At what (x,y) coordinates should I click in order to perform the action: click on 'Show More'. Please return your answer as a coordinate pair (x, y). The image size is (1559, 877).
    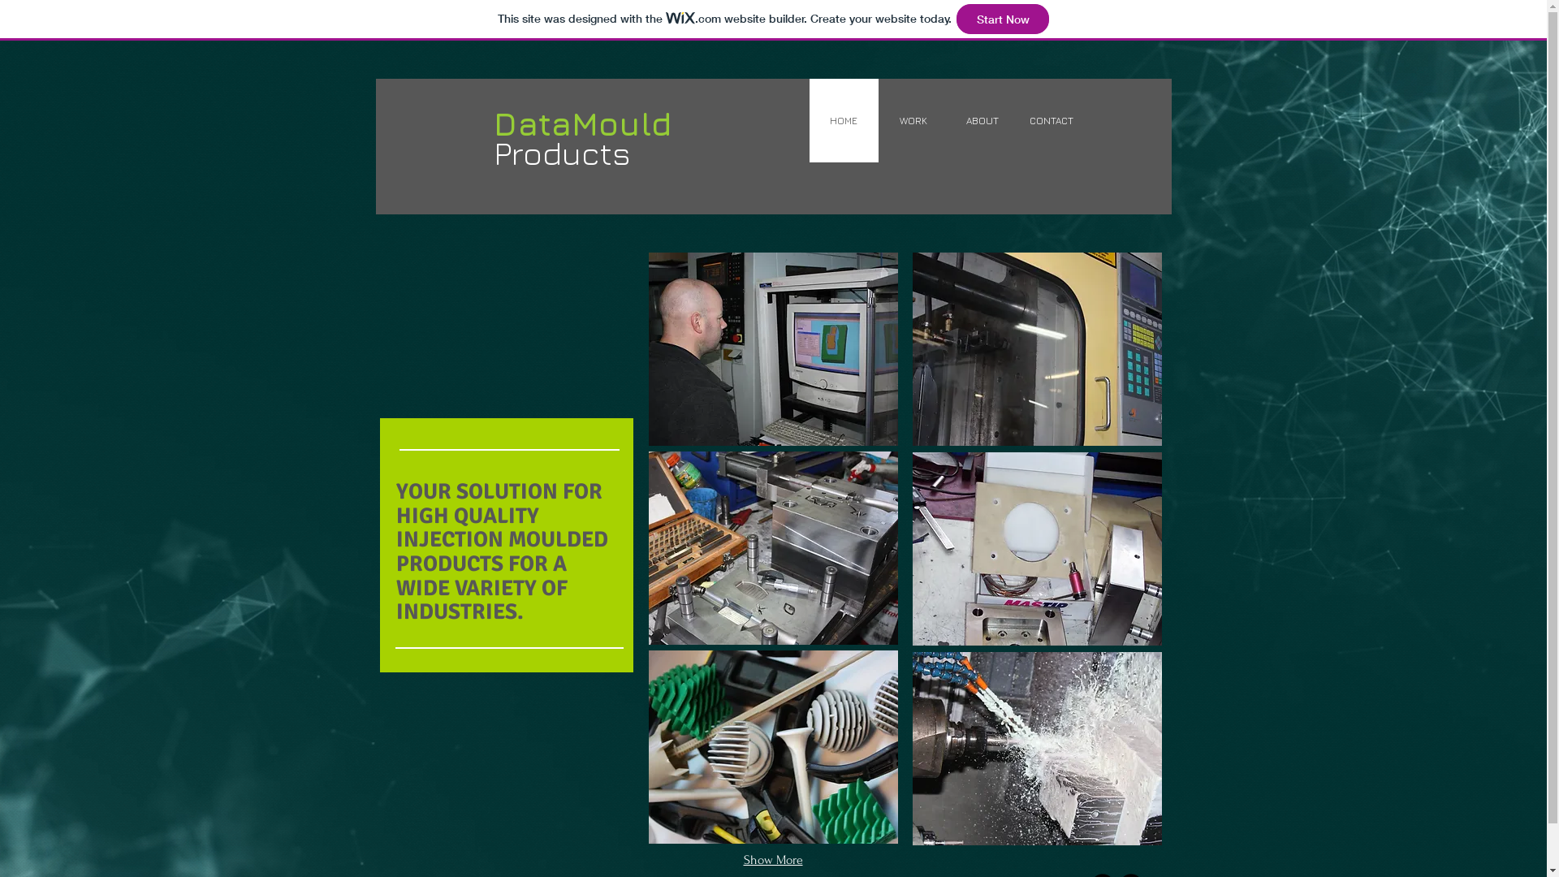
    Looking at the image, I should click on (772, 859).